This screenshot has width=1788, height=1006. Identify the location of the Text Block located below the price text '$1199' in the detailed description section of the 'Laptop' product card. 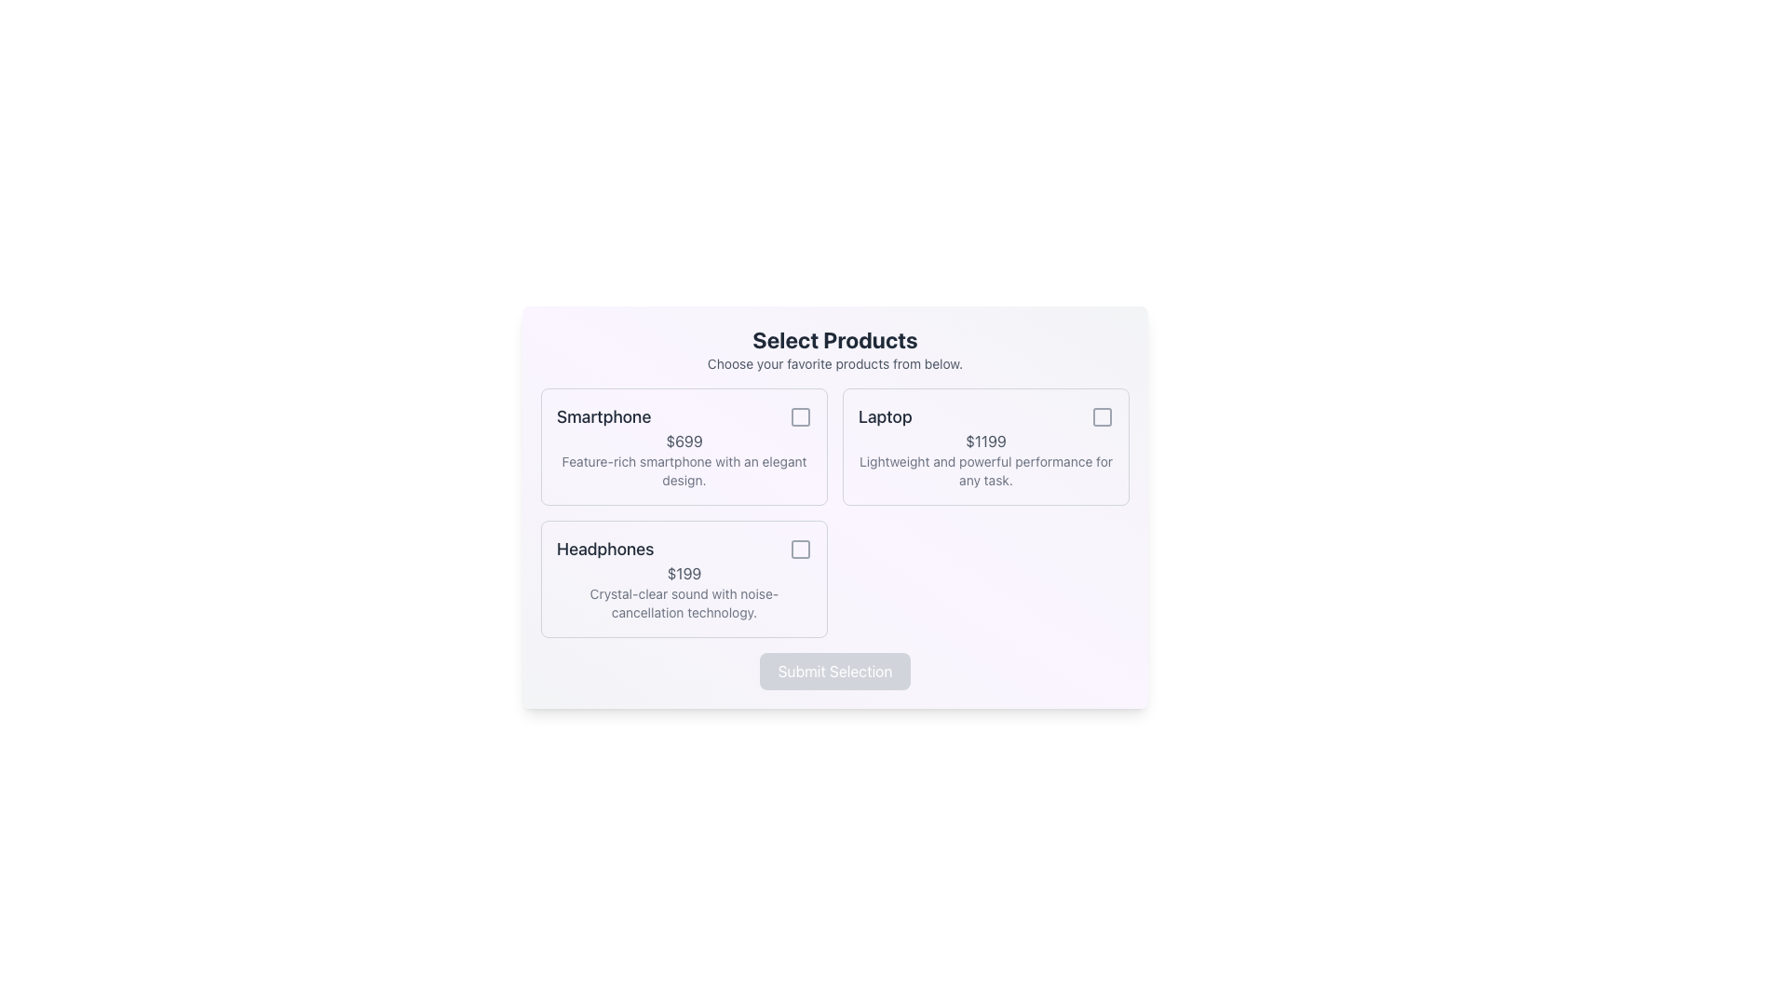
(985, 469).